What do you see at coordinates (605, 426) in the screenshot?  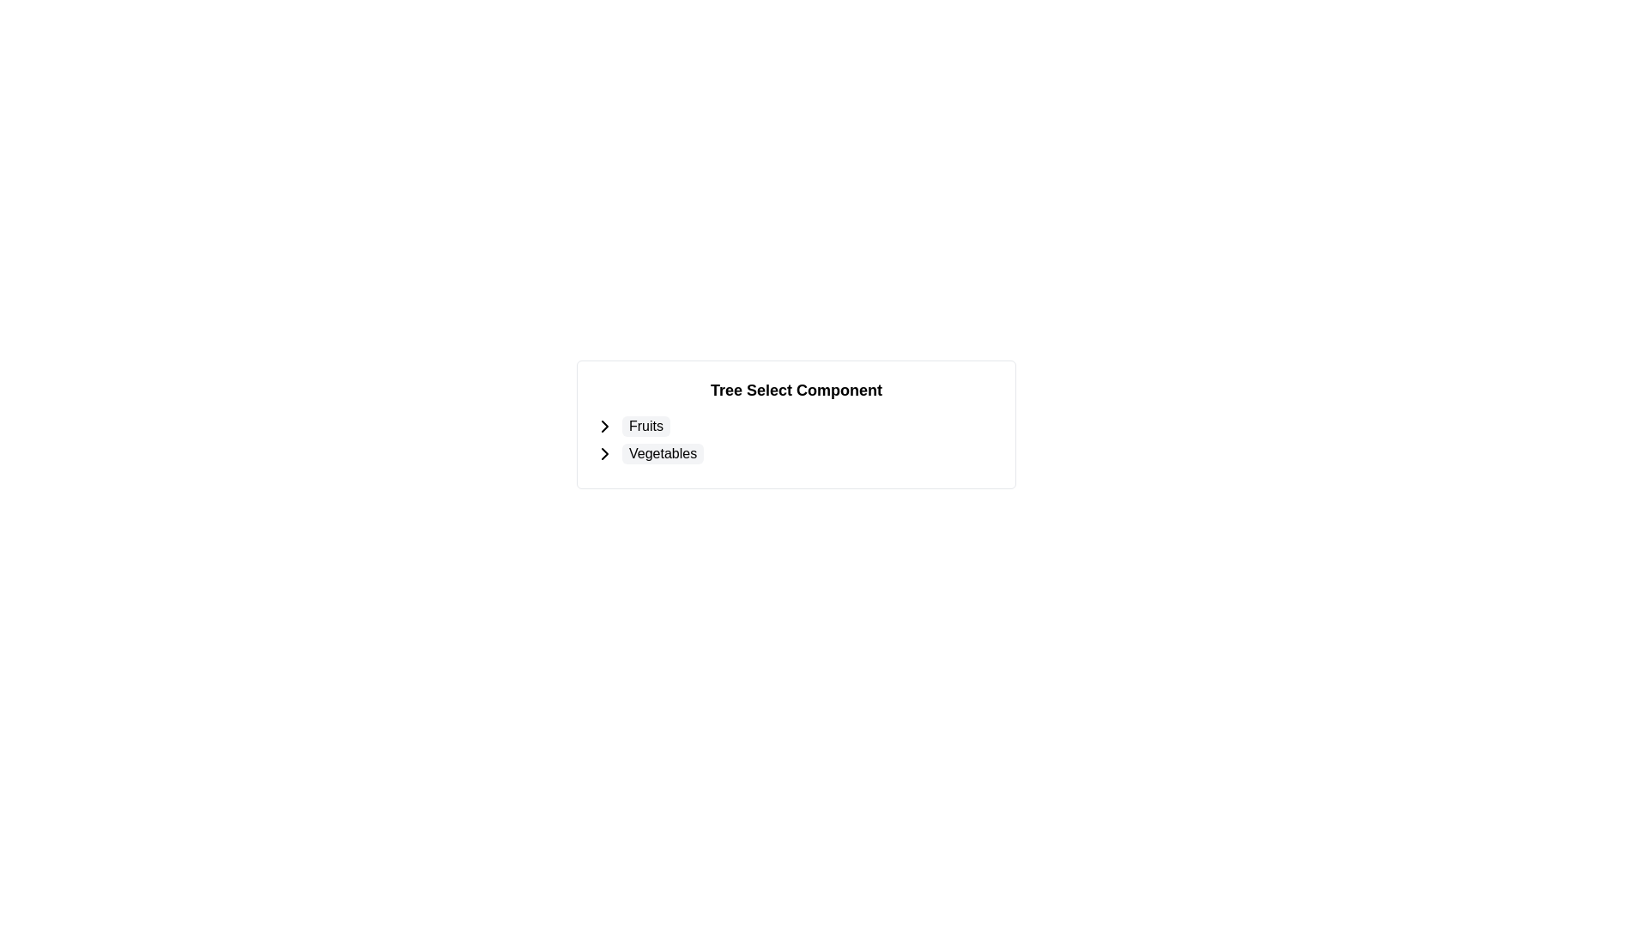 I see `the chevron icon located to the left of the 'Fruits' text` at bounding box center [605, 426].